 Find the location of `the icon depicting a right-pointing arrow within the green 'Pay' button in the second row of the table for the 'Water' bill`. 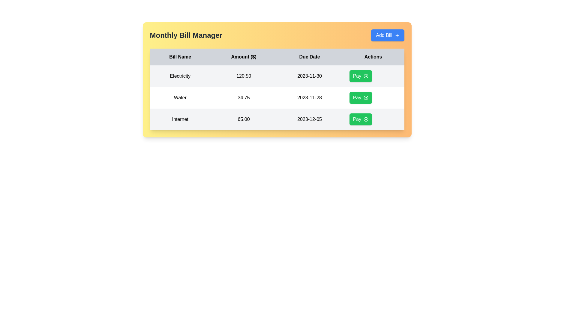

the icon depicting a right-pointing arrow within the green 'Pay' button in the second row of the table for the 'Water' bill is located at coordinates (366, 97).